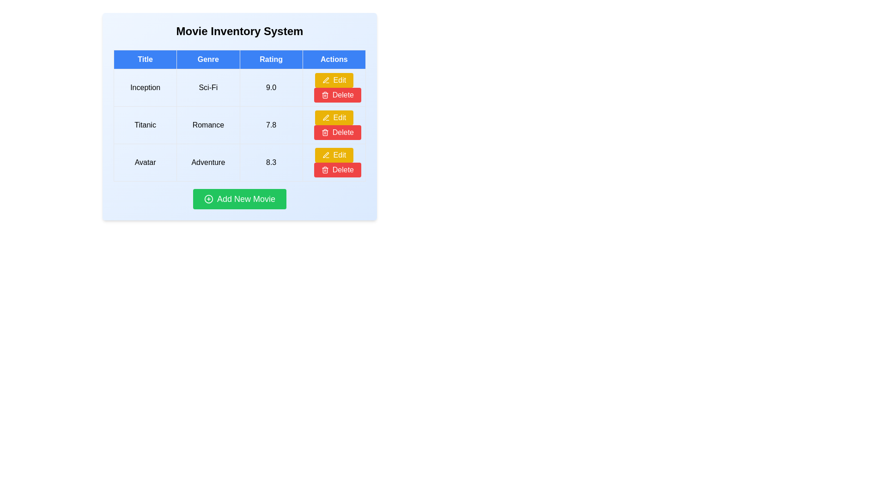 This screenshot has height=499, width=887. What do you see at coordinates (207, 125) in the screenshot?
I see `the text label displaying 'Romance', which is the second column in the row titled 'Titanic' within the table under the header 'Genre'` at bounding box center [207, 125].